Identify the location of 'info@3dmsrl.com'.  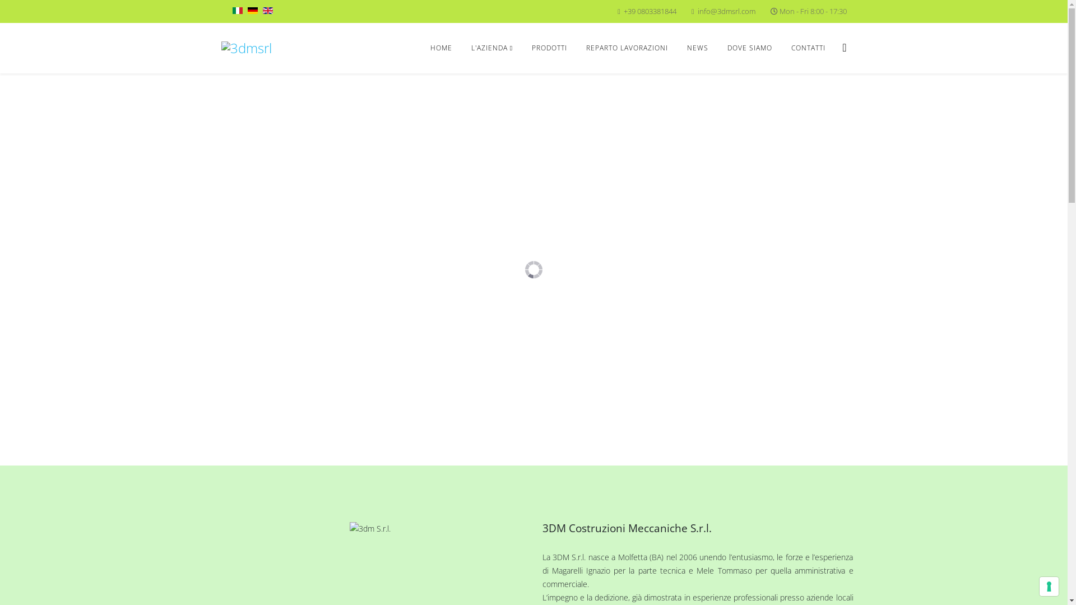
(726, 11).